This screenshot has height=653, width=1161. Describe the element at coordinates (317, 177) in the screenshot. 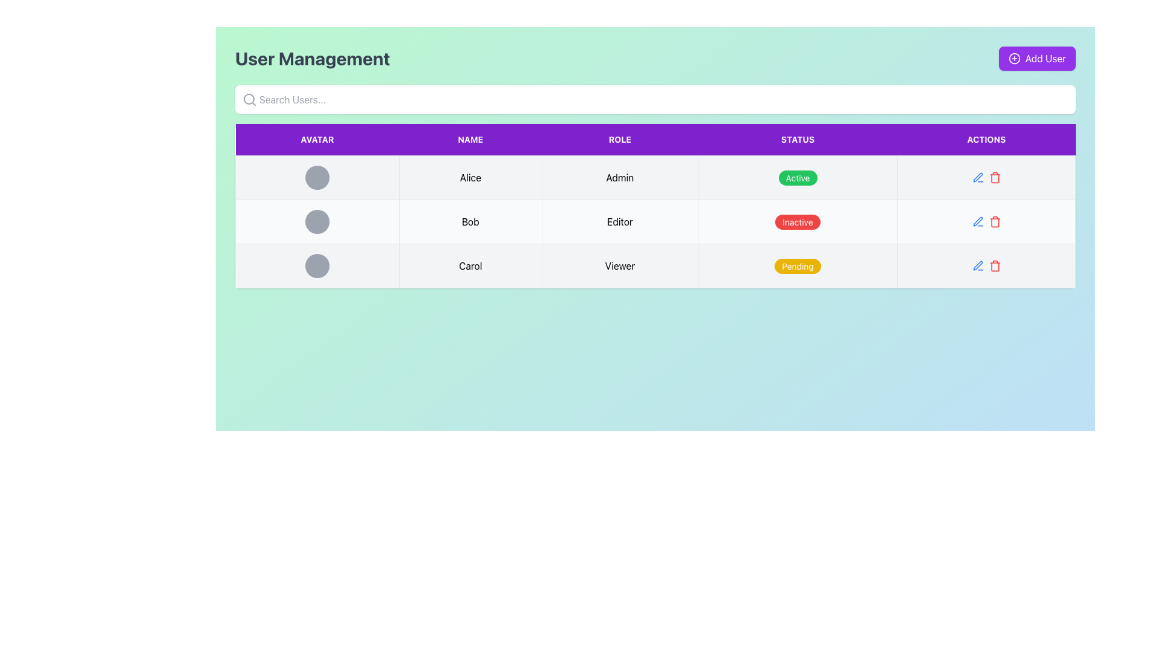

I see `the Avatar placeholder for 'Alice' in the user management table, which is located in the first row of the 'Avatar' column` at that location.